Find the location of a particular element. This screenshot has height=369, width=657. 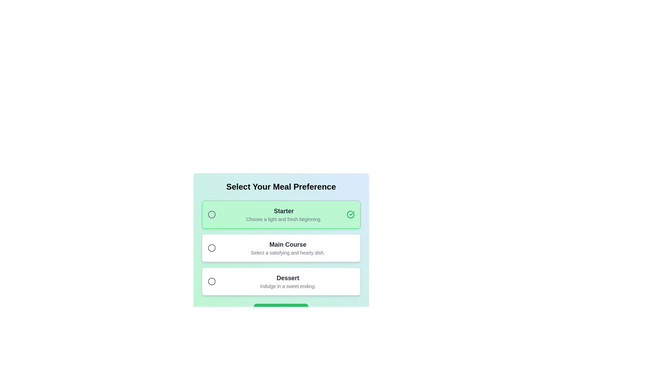

the 'Main Course' label which features a prominent heading and a descriptive text beneath, positioned in the second item of a vertically stacked menu is located at coordinates (288, 248).